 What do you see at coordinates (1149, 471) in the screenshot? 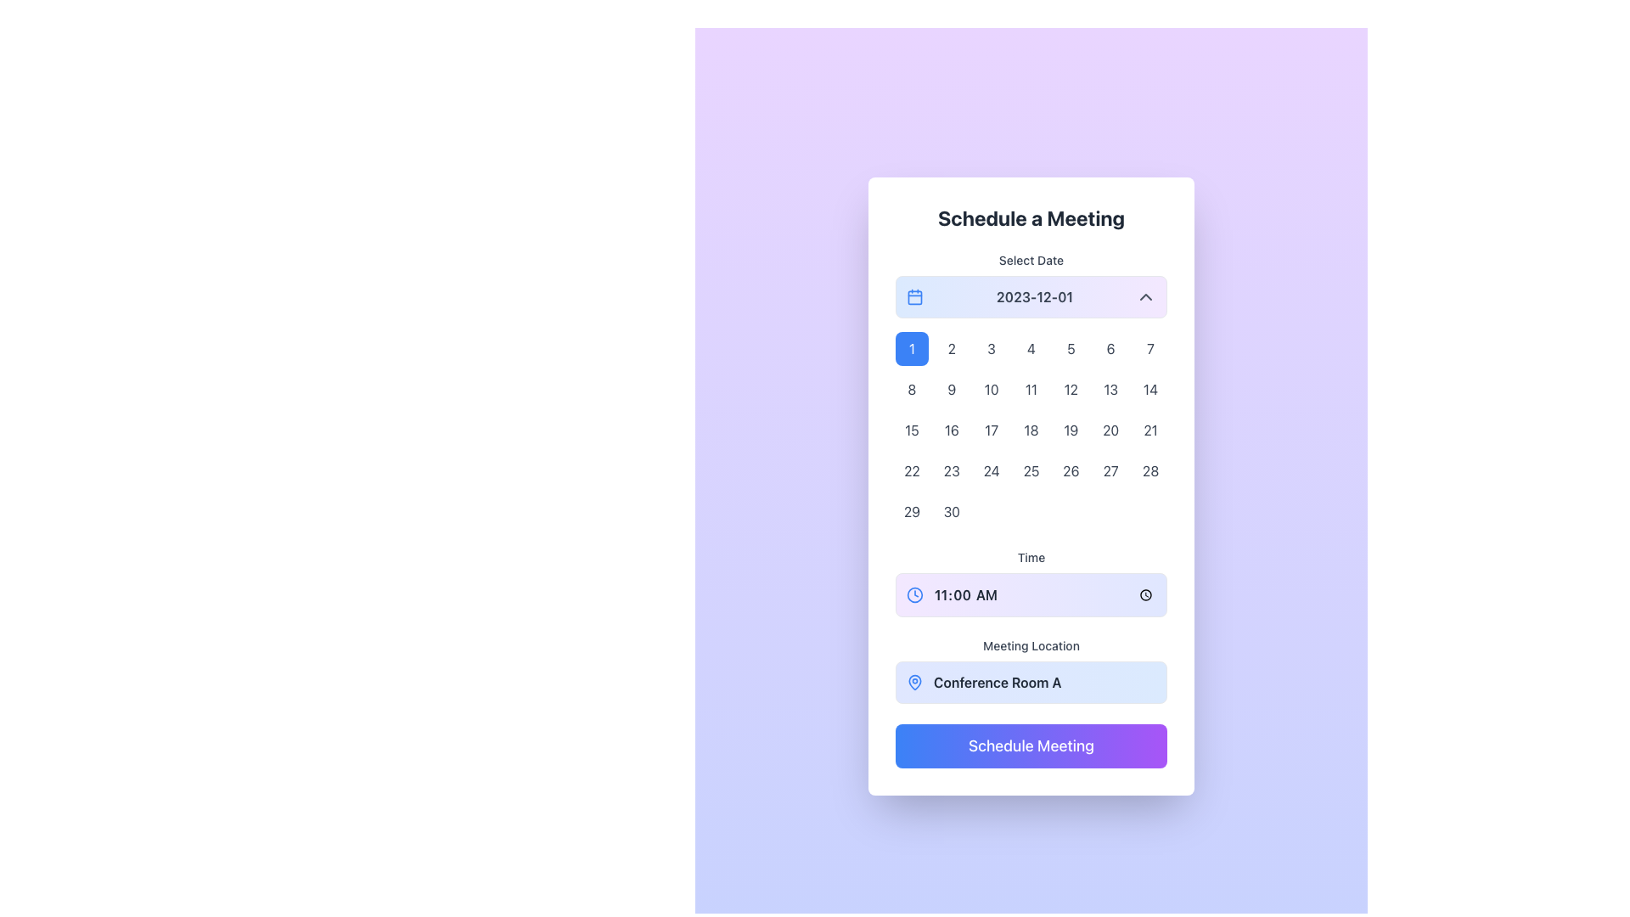
I see `the button displaying the text '28' in the date picker interface` at bounding box center [1149, 471].